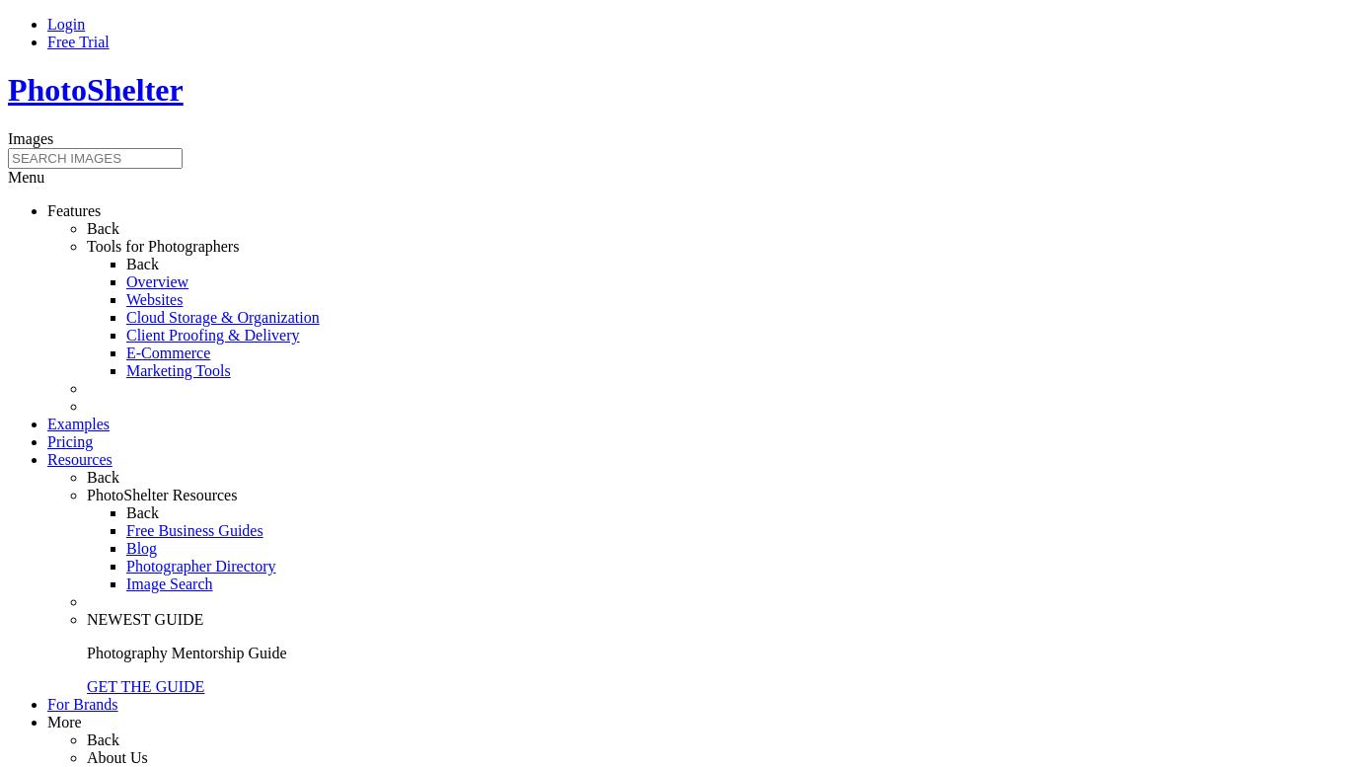  What do you see at coordinates (46, 703) in the screenshot?
I see `'For Brands'` at bounding box center [46, 703].